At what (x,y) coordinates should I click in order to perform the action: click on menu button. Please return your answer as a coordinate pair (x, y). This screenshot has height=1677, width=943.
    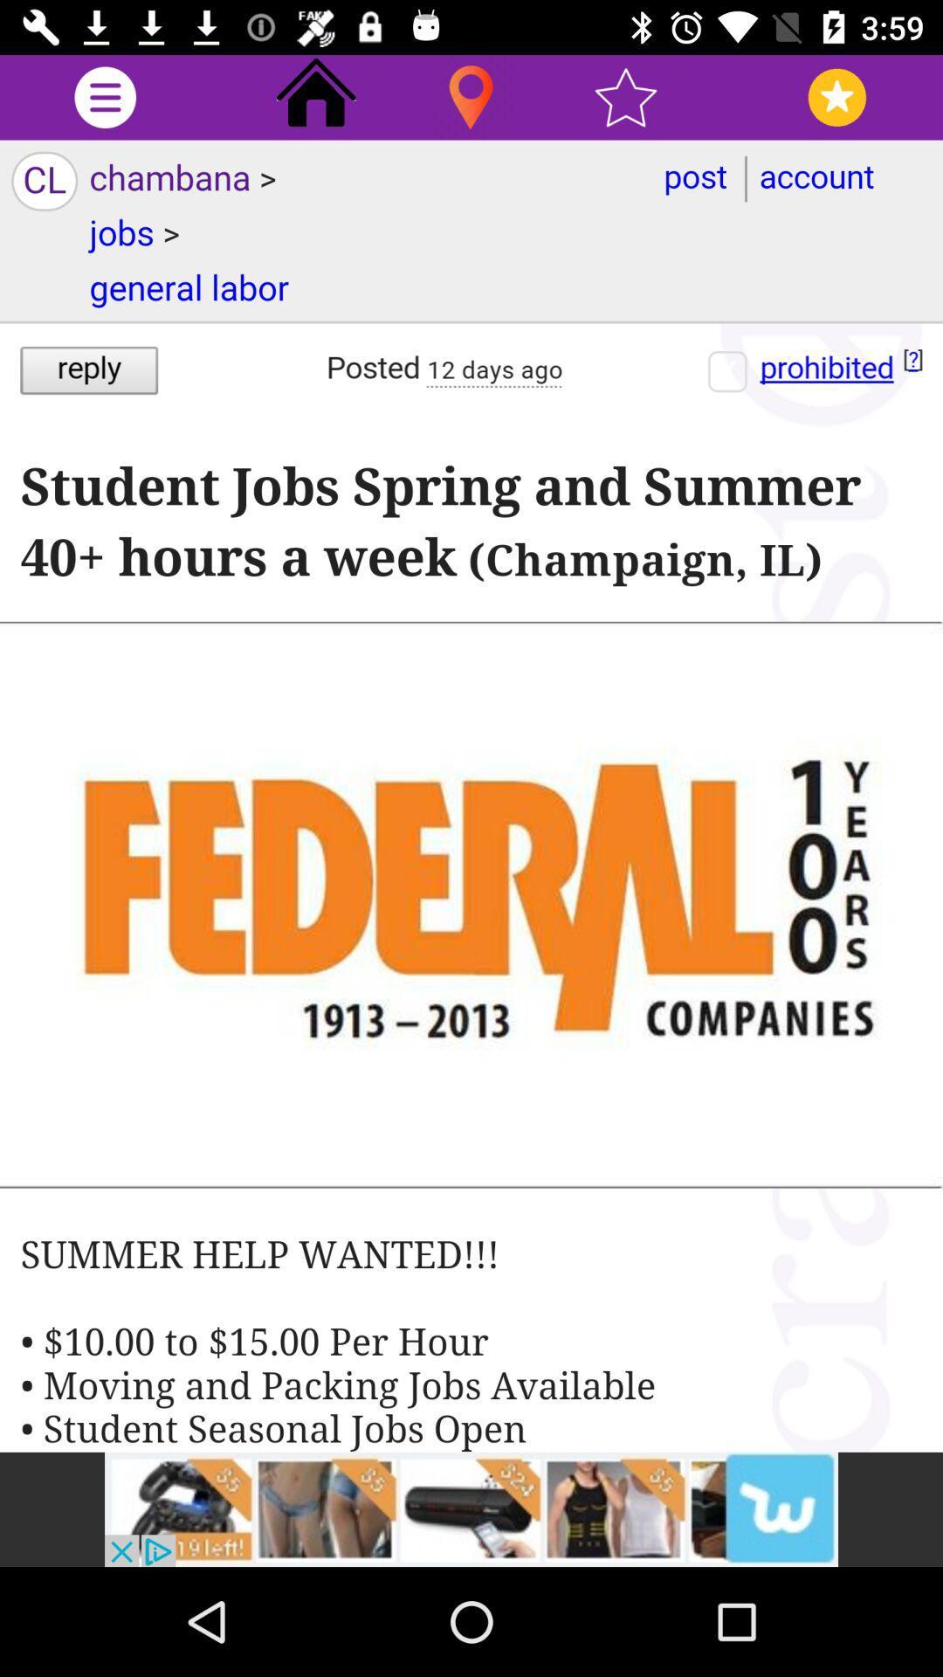
    Looking at the image, I should click on (105, 96).